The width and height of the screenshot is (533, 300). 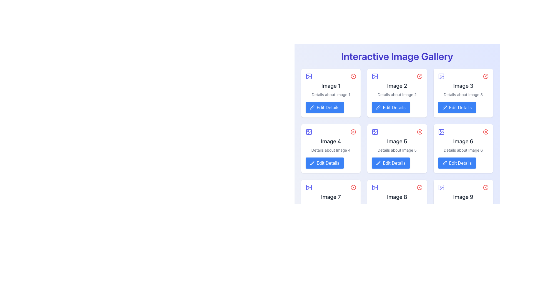 What do you see at coordinates (397, 94) in the screenshot?
I see `the text label displaying 'Details about Image 2' which is located under the title 'Image 2' in the card for 'Image 2'` at bounding box center [397, 94].